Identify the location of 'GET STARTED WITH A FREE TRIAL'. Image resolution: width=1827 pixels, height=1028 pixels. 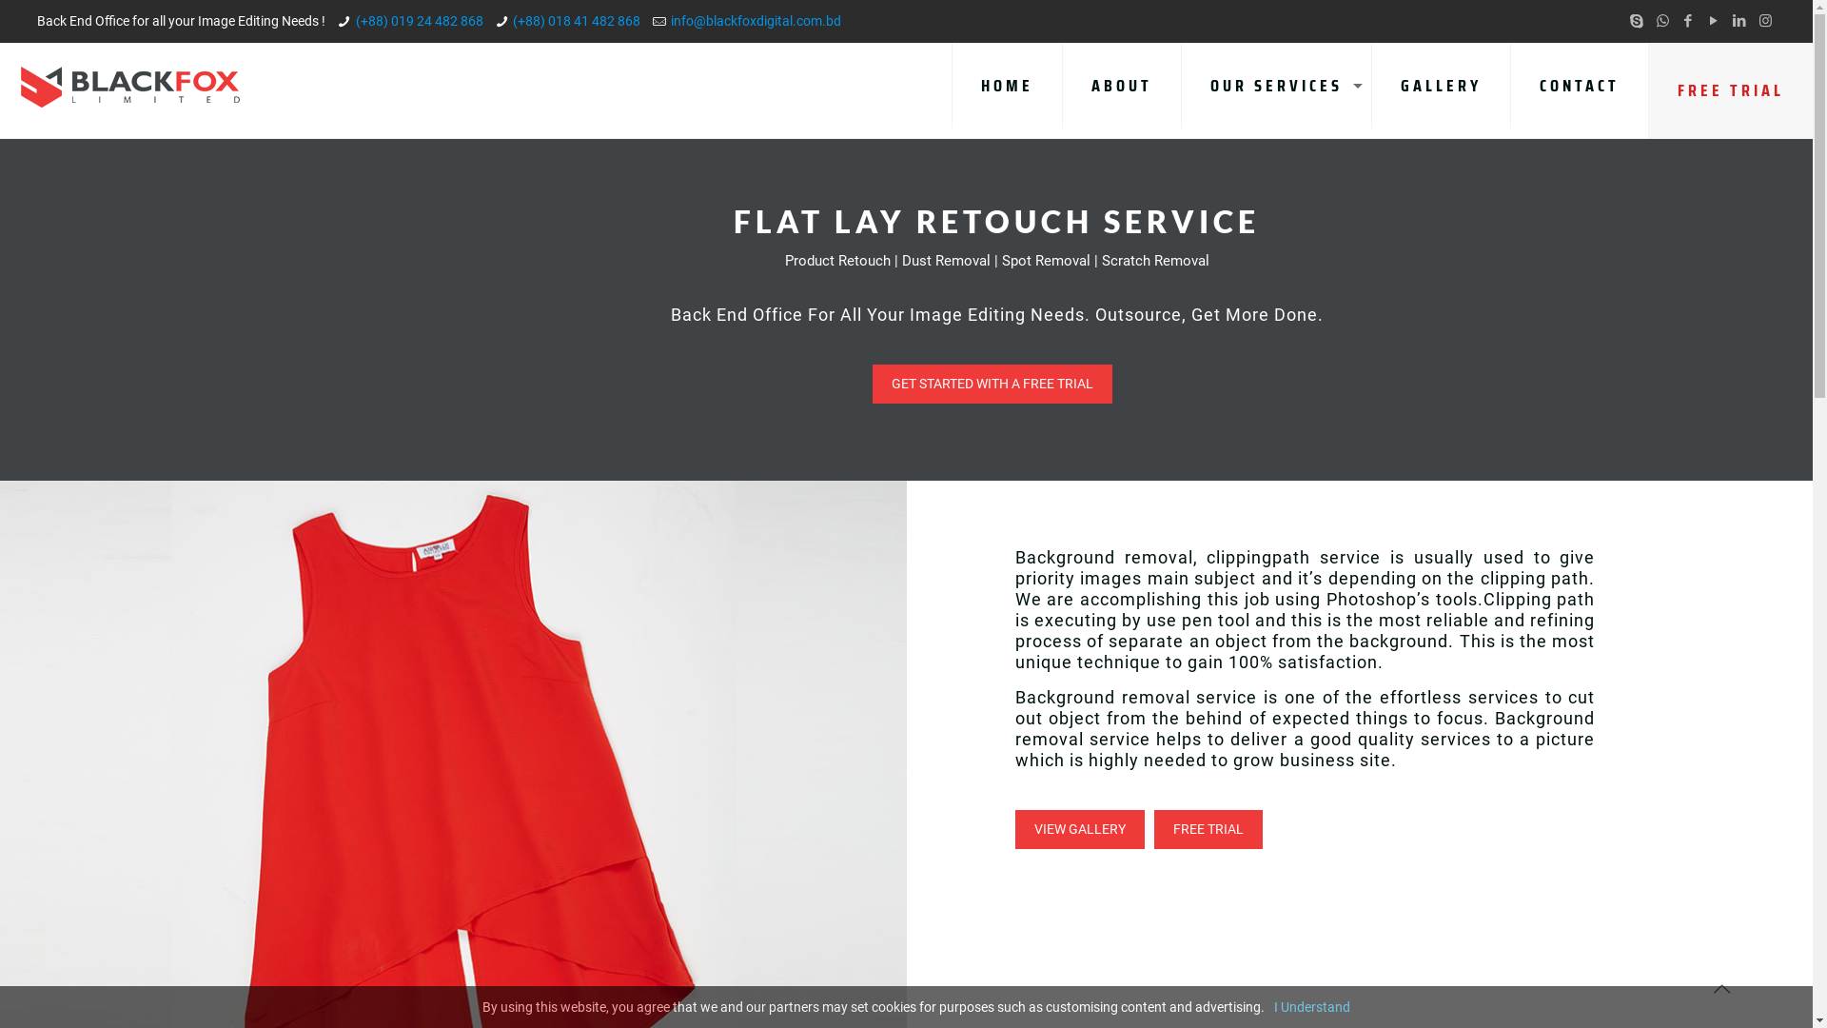
(991, 384).